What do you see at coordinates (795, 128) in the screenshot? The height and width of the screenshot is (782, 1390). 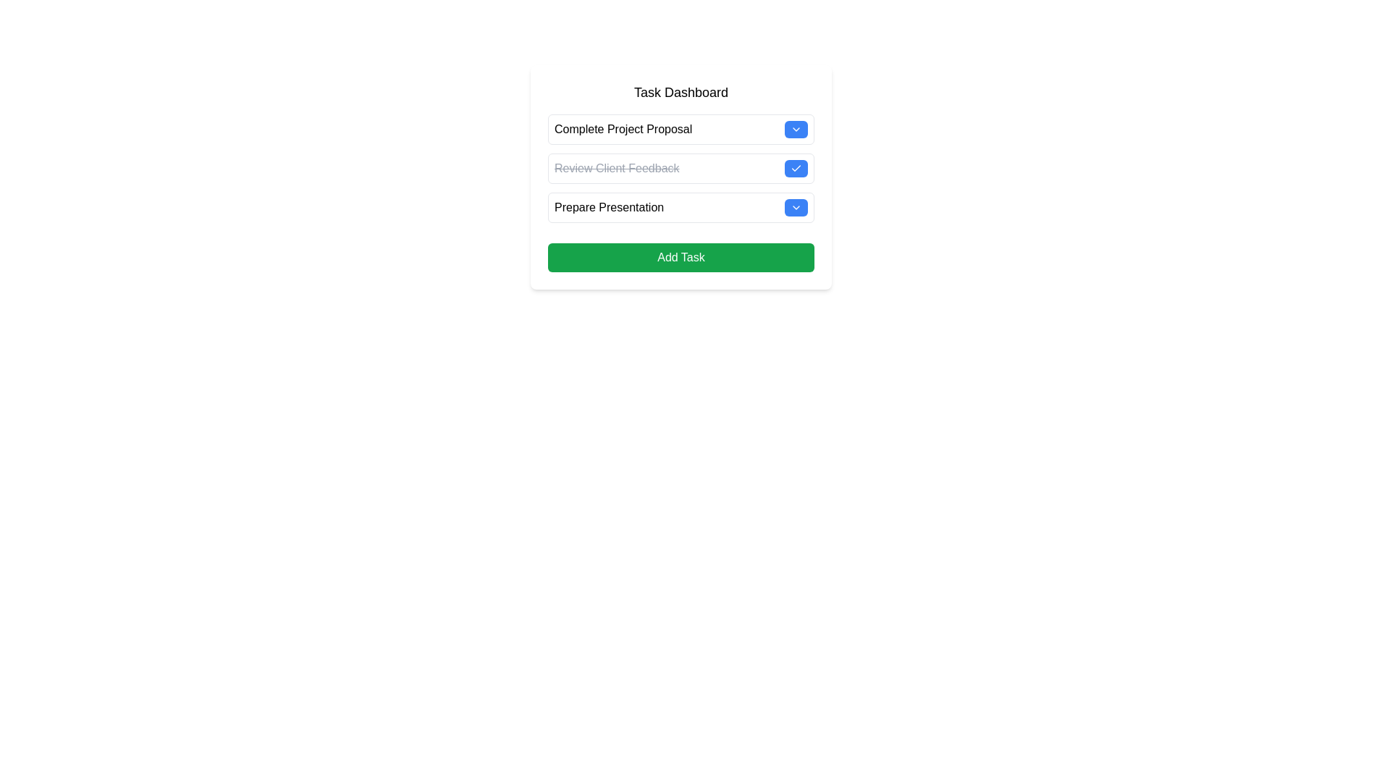 I see `the small downward-pointing chevron icon within the blue circular button on the far right side of the 'Complete Project Proposal' task` at bounding box center [795, 128].